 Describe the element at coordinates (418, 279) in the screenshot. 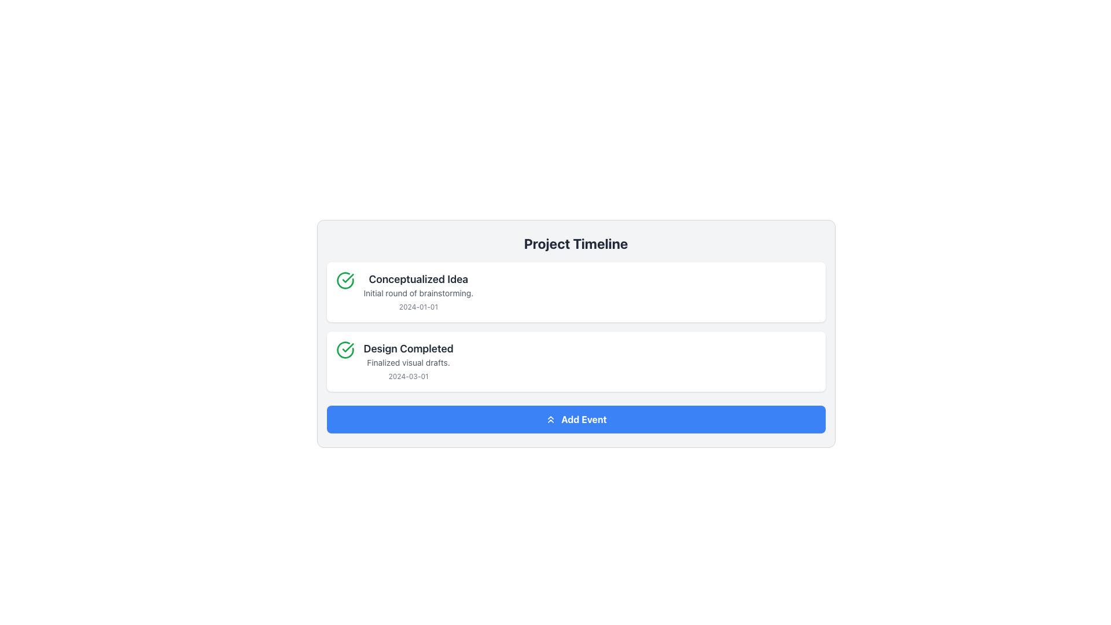

I see `the text label that indicates the name of the event or phase in the first item of the vertical timeline under 'Project Timeline'` at that location.